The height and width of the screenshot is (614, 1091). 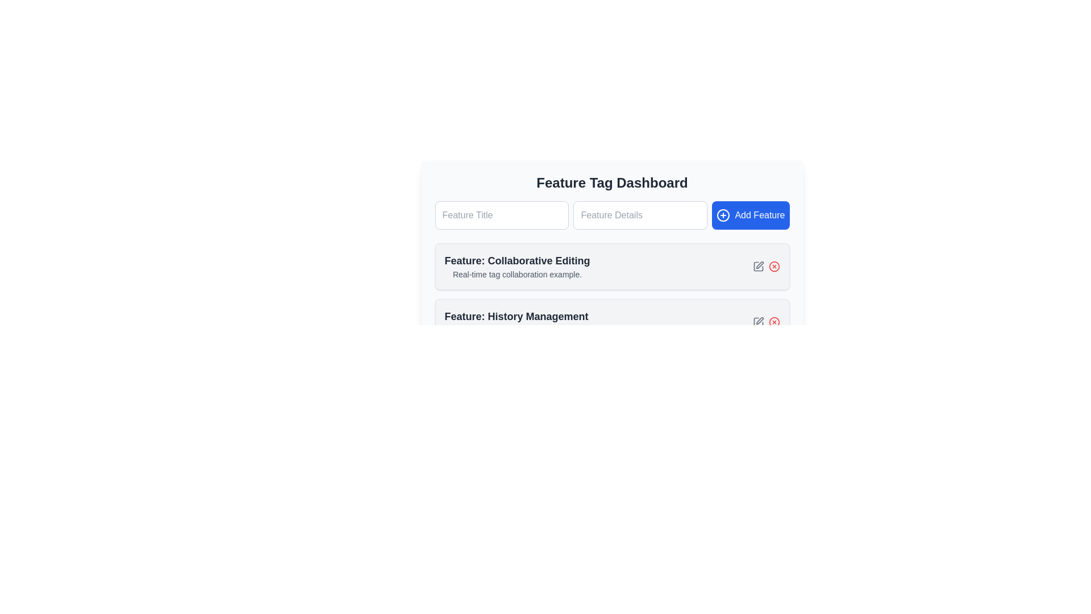 I want to click on the text block containing the title 'Feature: Collaborative Editing' and the subtitle 'Real-time tag collaboration example' located near the top-middle section of the interface, so click(x=517, y=267).